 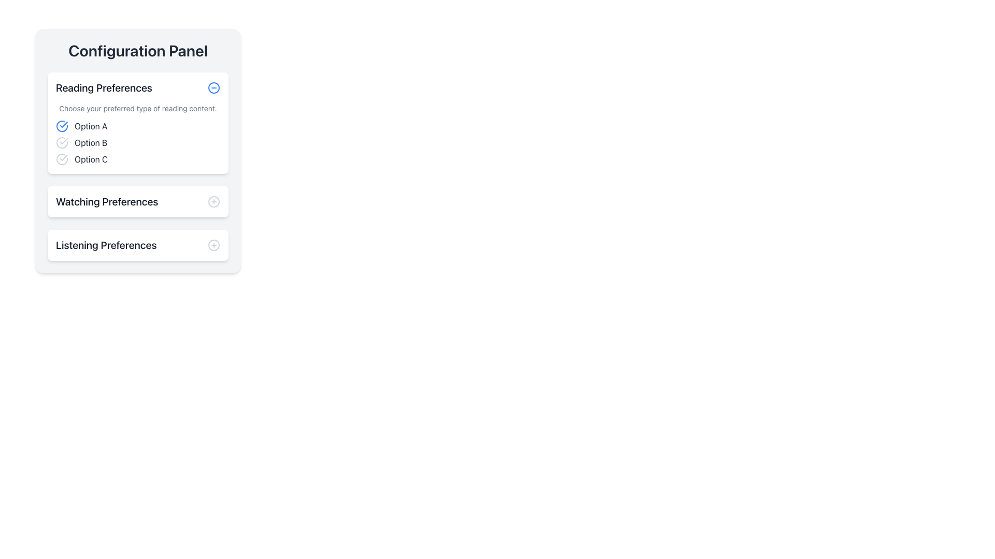 I want to click on the circular vector graphic element representing the interaction option for expanding or configuring the 'Listening Preferences' section, so click(x=213, y=245).